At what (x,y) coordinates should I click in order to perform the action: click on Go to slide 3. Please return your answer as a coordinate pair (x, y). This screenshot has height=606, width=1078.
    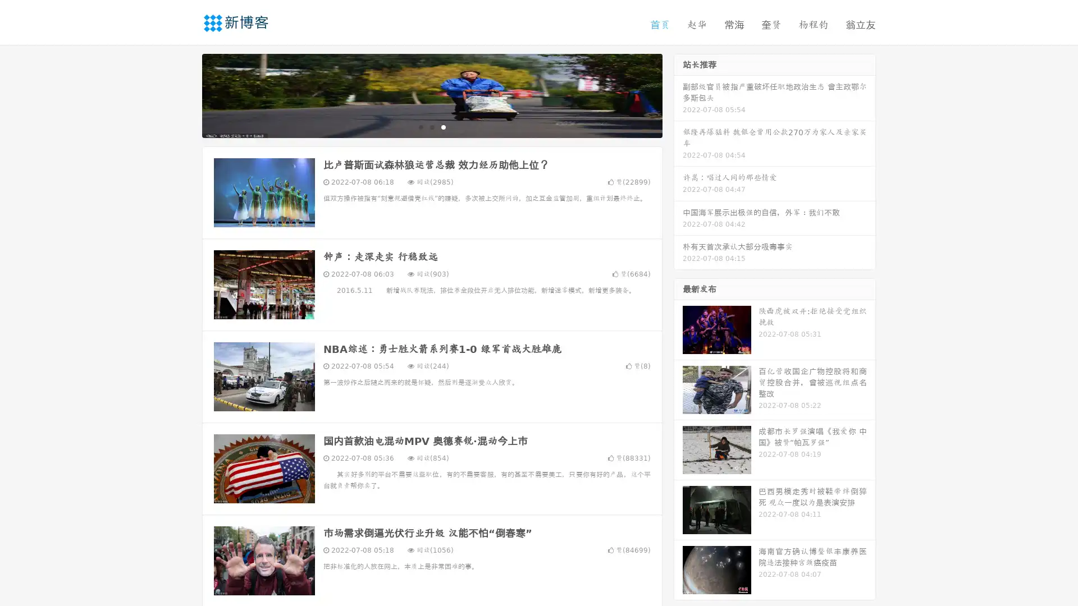
    Looking at the image, I should click on (443, 126).